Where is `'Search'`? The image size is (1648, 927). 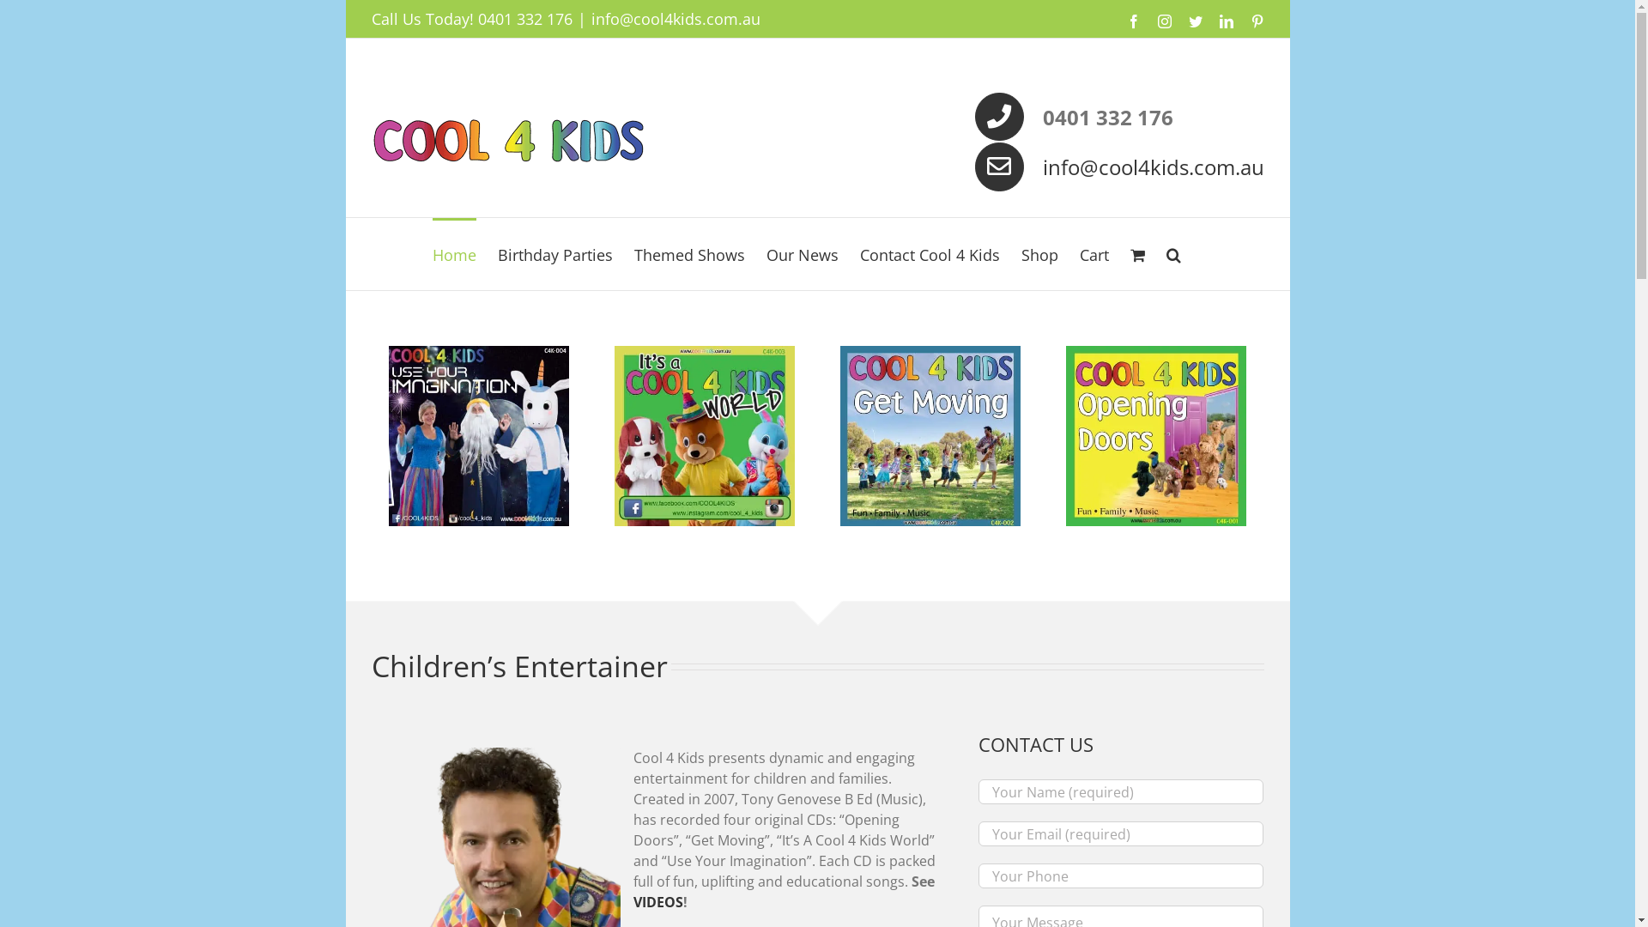
'Search' is located at coordinates (1172, 254).